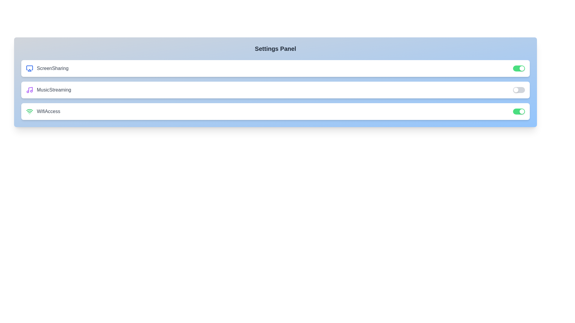  I want to click on the 'ScreenSharing' toggle switch to change its state, so click(518, 68).